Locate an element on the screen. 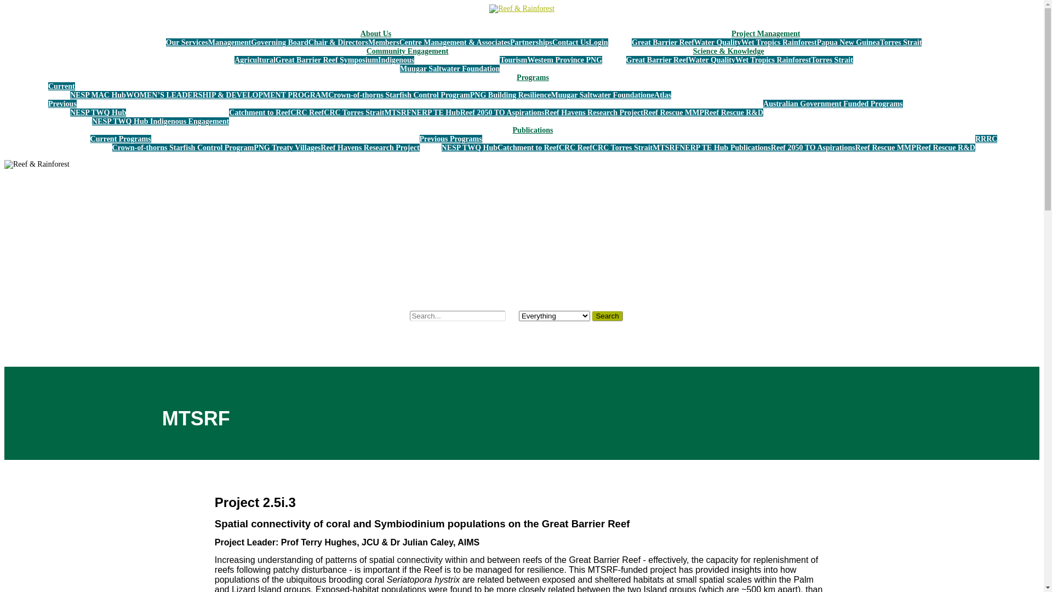  'Current' is located at coordinates (61, 86).